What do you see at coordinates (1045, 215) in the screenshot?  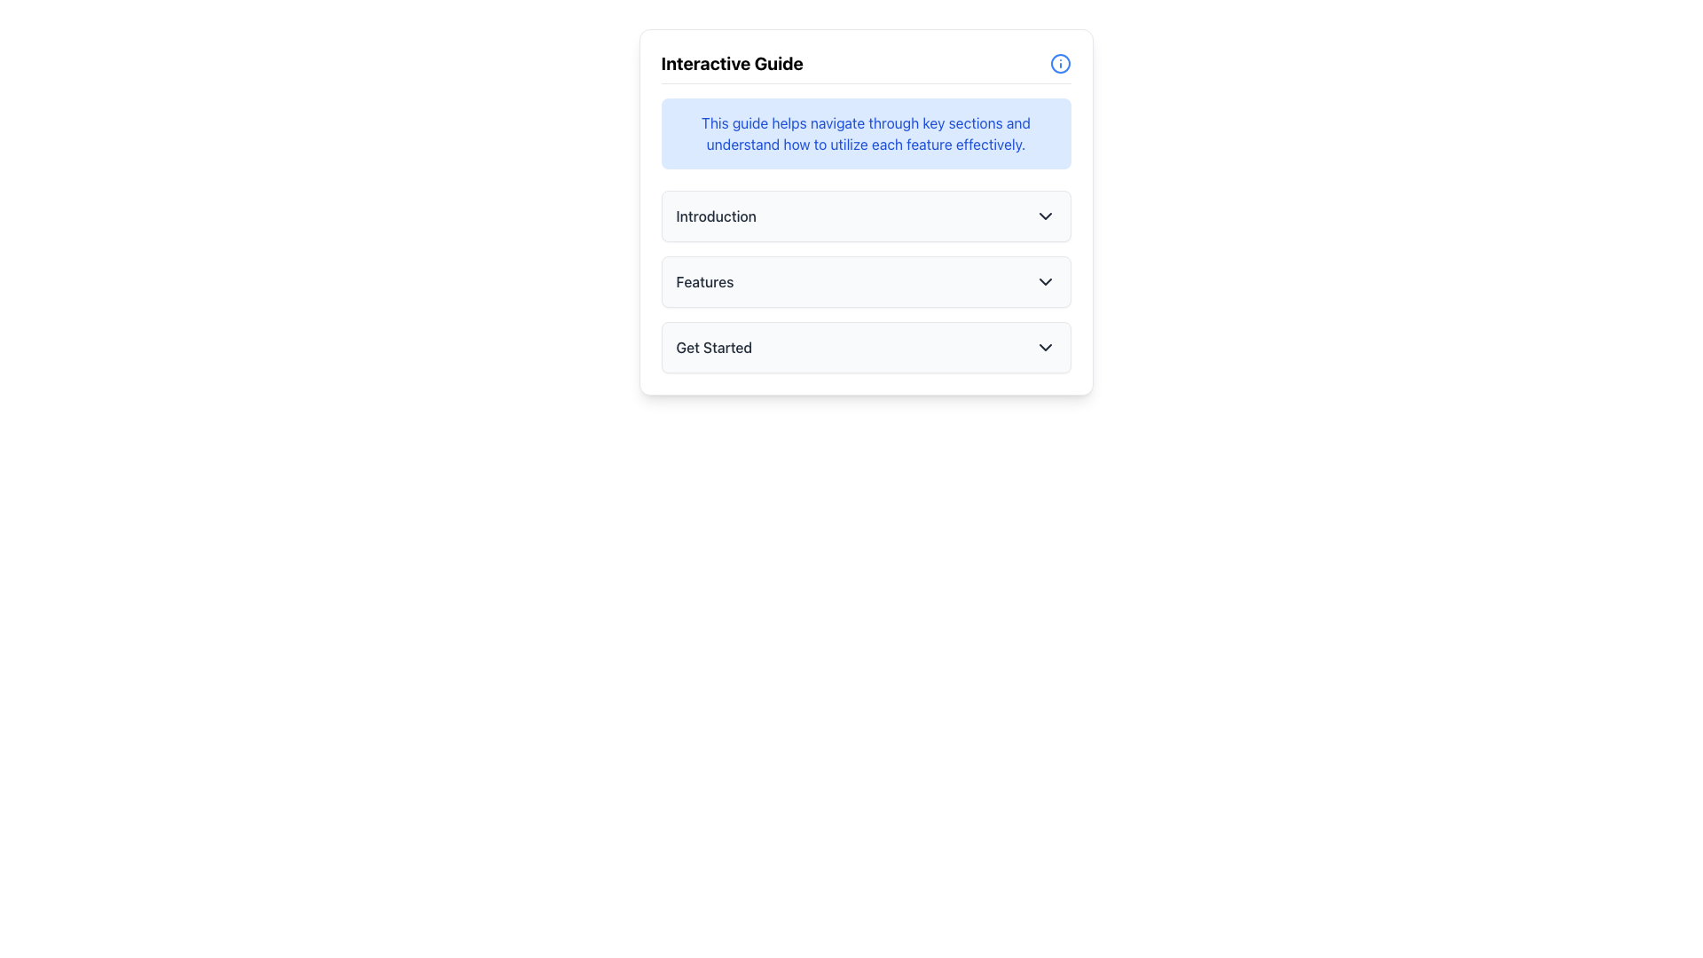 I see `the chevron-down icon located to the right of the 'Introduction' button text` at bounding box center [1045, 215].